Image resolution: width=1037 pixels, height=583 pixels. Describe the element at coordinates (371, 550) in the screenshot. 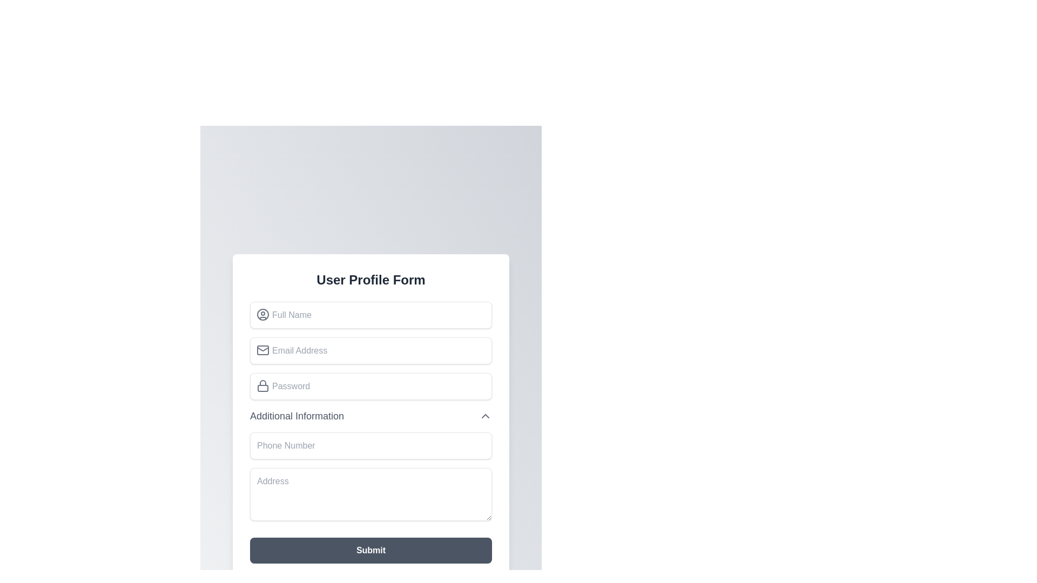

I see `the 'Submit' button, which is a rectangular button with rounded corners, dark gray color, and white text, located at the bottom of the form layout` at that location.